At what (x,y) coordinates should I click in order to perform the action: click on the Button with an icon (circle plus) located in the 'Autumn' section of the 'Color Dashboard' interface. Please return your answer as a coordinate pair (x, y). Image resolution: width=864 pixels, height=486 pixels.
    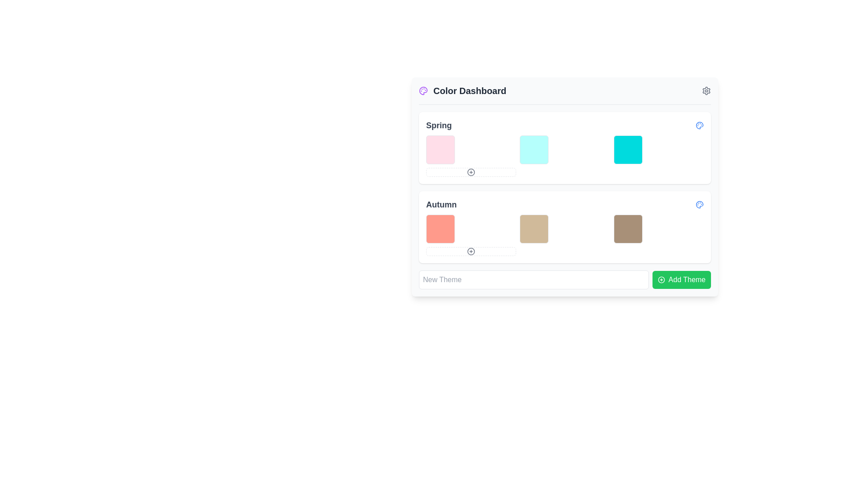
    Looking at the image, I should click on (471, 252).